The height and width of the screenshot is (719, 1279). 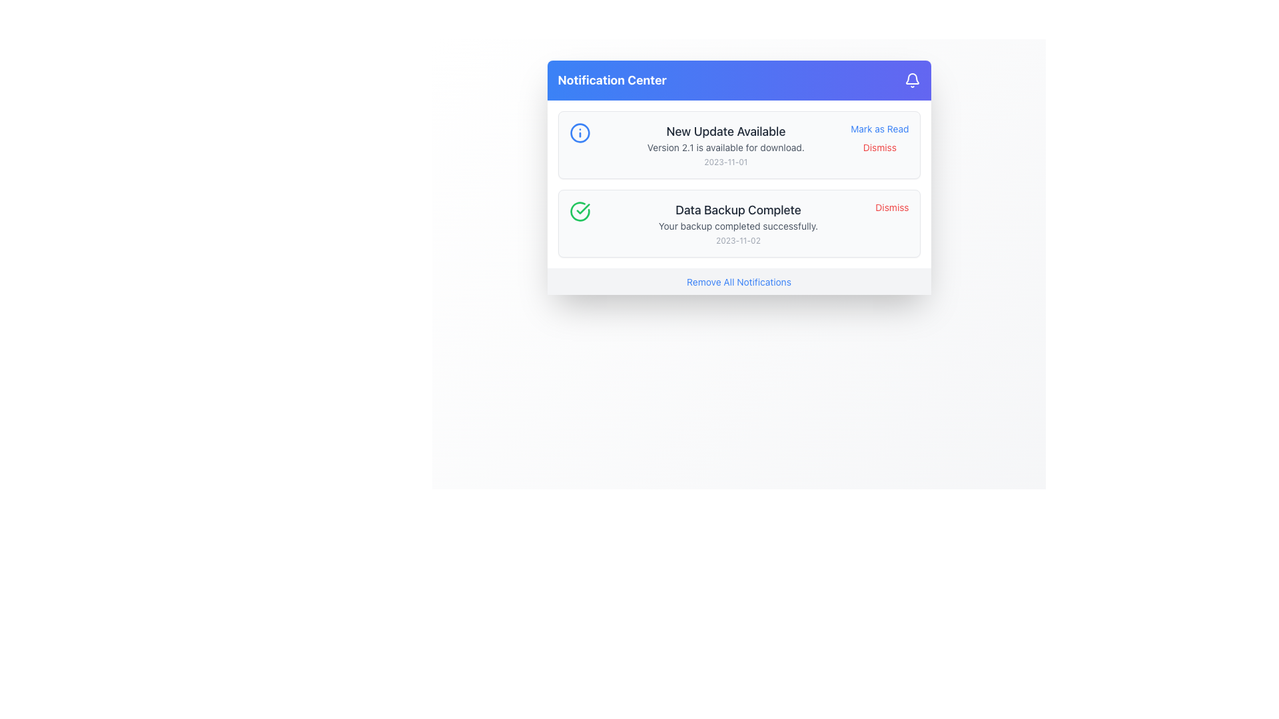 I want to click on the bold red 'Dismiss' label located at the right end of the 'Data Backup Complete' notification block, so click(x=892, y=208).